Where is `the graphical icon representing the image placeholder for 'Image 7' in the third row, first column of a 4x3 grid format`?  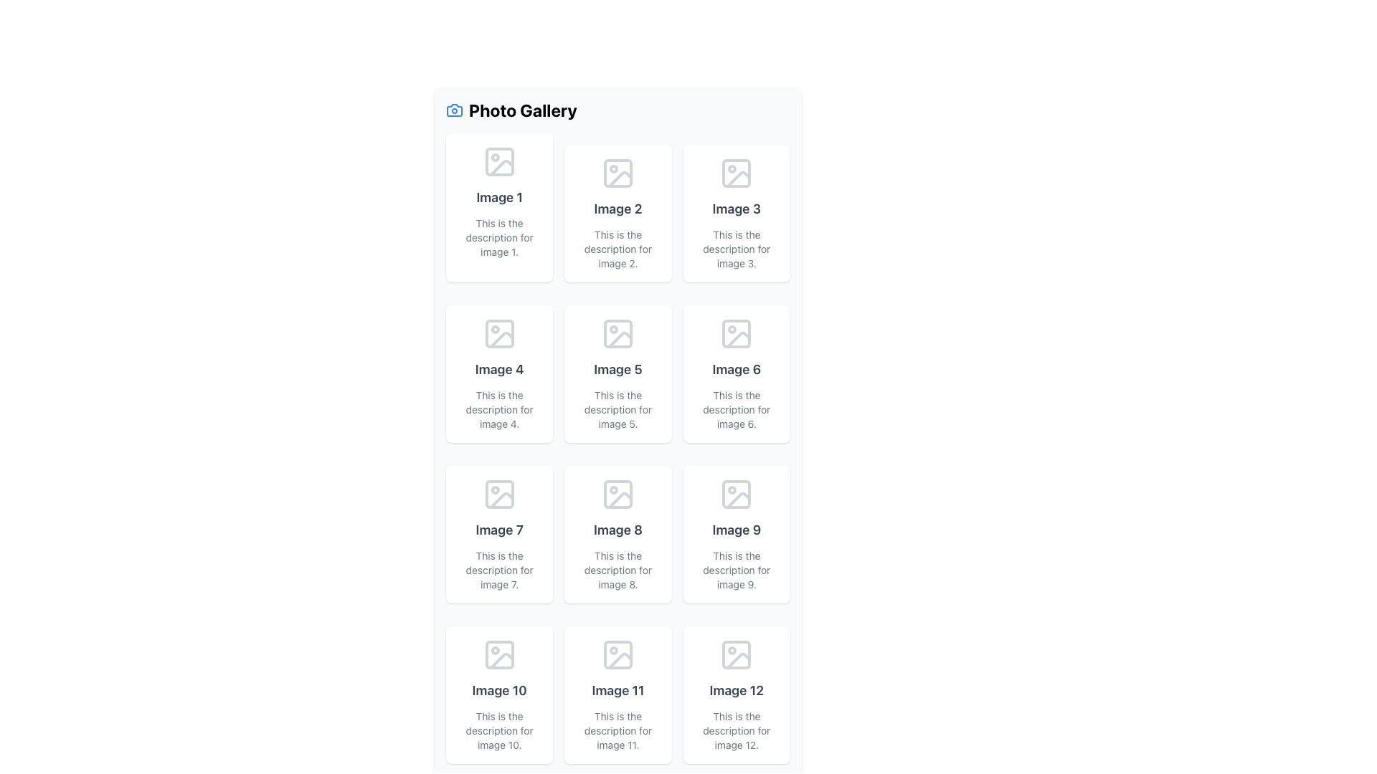 the graphical icon representing the image placeholder for 'Image 7' in the third row, first column of a 4x3 grid format is located at coordinates (501, 500).